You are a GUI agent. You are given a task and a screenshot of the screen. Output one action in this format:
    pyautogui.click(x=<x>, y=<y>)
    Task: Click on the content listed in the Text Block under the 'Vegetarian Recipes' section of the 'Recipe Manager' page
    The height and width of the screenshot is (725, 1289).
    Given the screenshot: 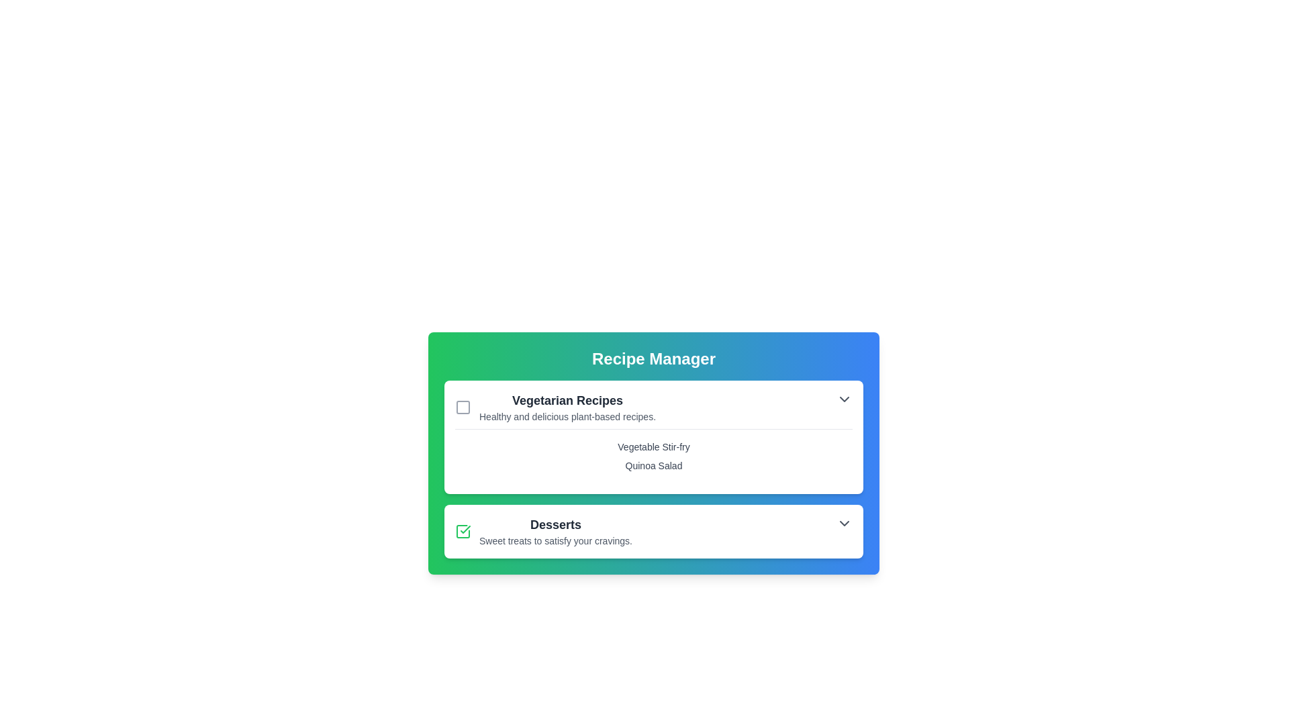 What is the action you would take?
    pyautogui.click(x=654, y=469)
    